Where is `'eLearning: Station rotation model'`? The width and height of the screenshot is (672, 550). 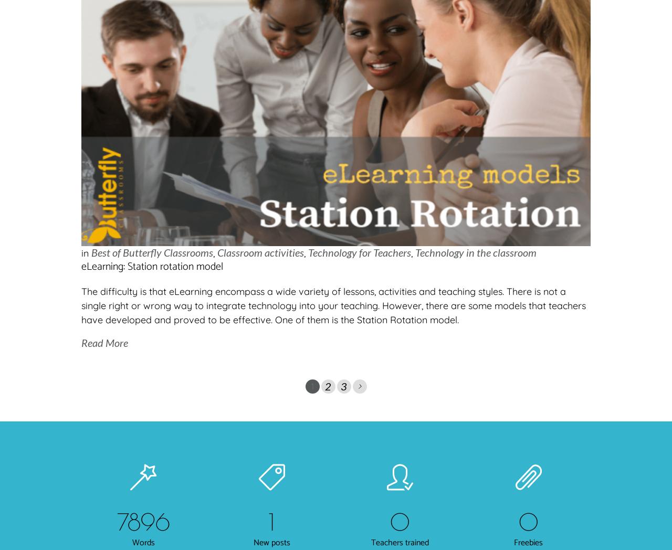 'eLearning: Station rotation model' is located at coordinates (152, 266).